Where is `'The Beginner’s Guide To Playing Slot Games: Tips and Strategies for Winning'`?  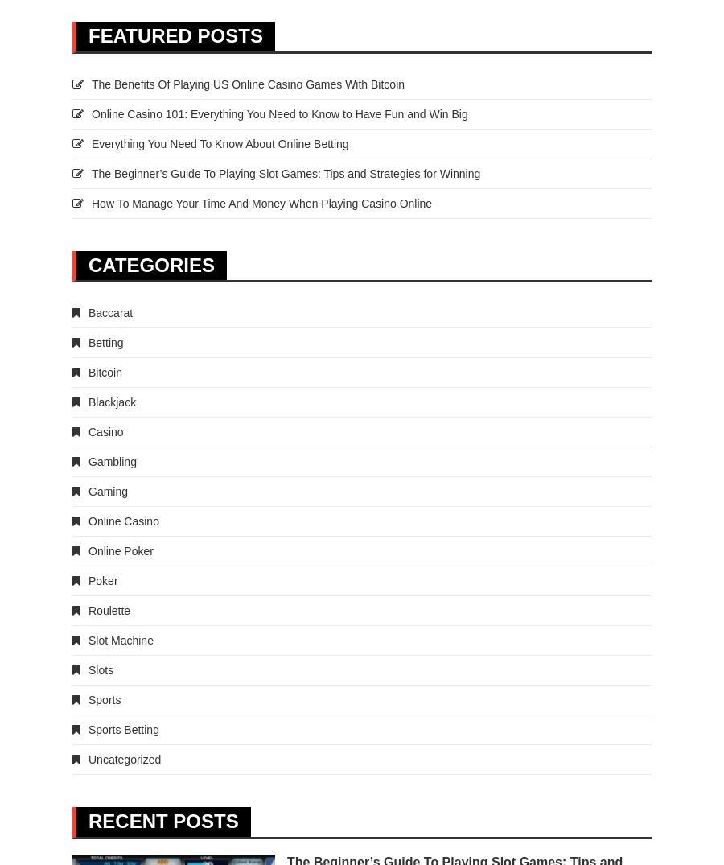
'The Beginner’s Guide To Playing Slot Games: Tips and Strategies for Winning' is located at coordinates (92, 171).